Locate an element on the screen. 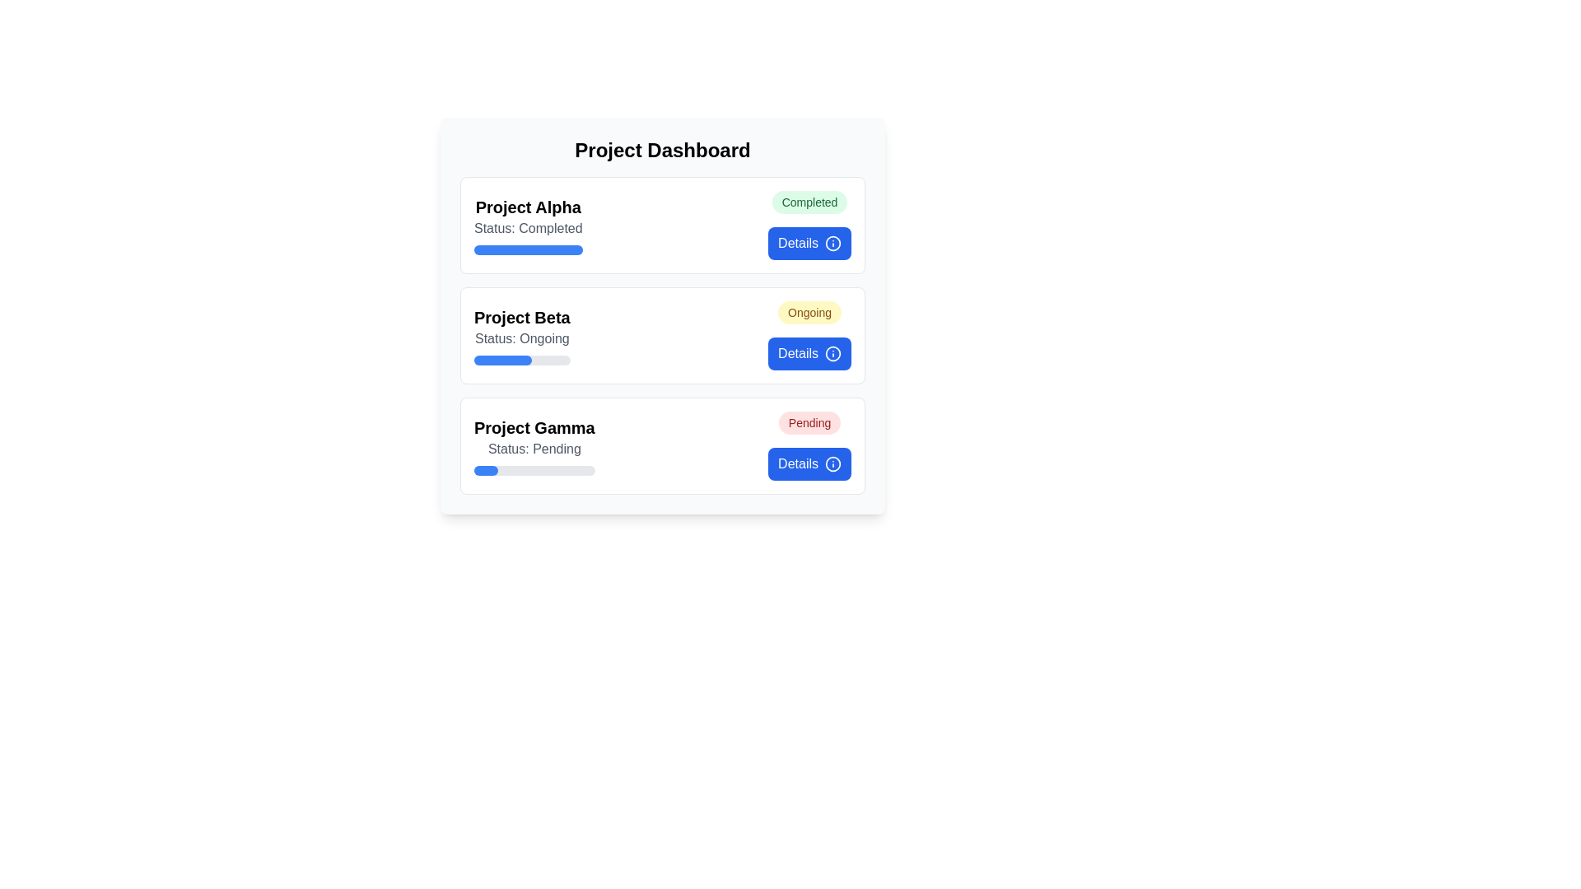 This screenshot has height=889, width=1581. the 'Pending' status indicator for 'Project Gamma' located on the project dashboard, positioned above the 'Details' button and to the left of the information icon is located at coordinates (809, 421).